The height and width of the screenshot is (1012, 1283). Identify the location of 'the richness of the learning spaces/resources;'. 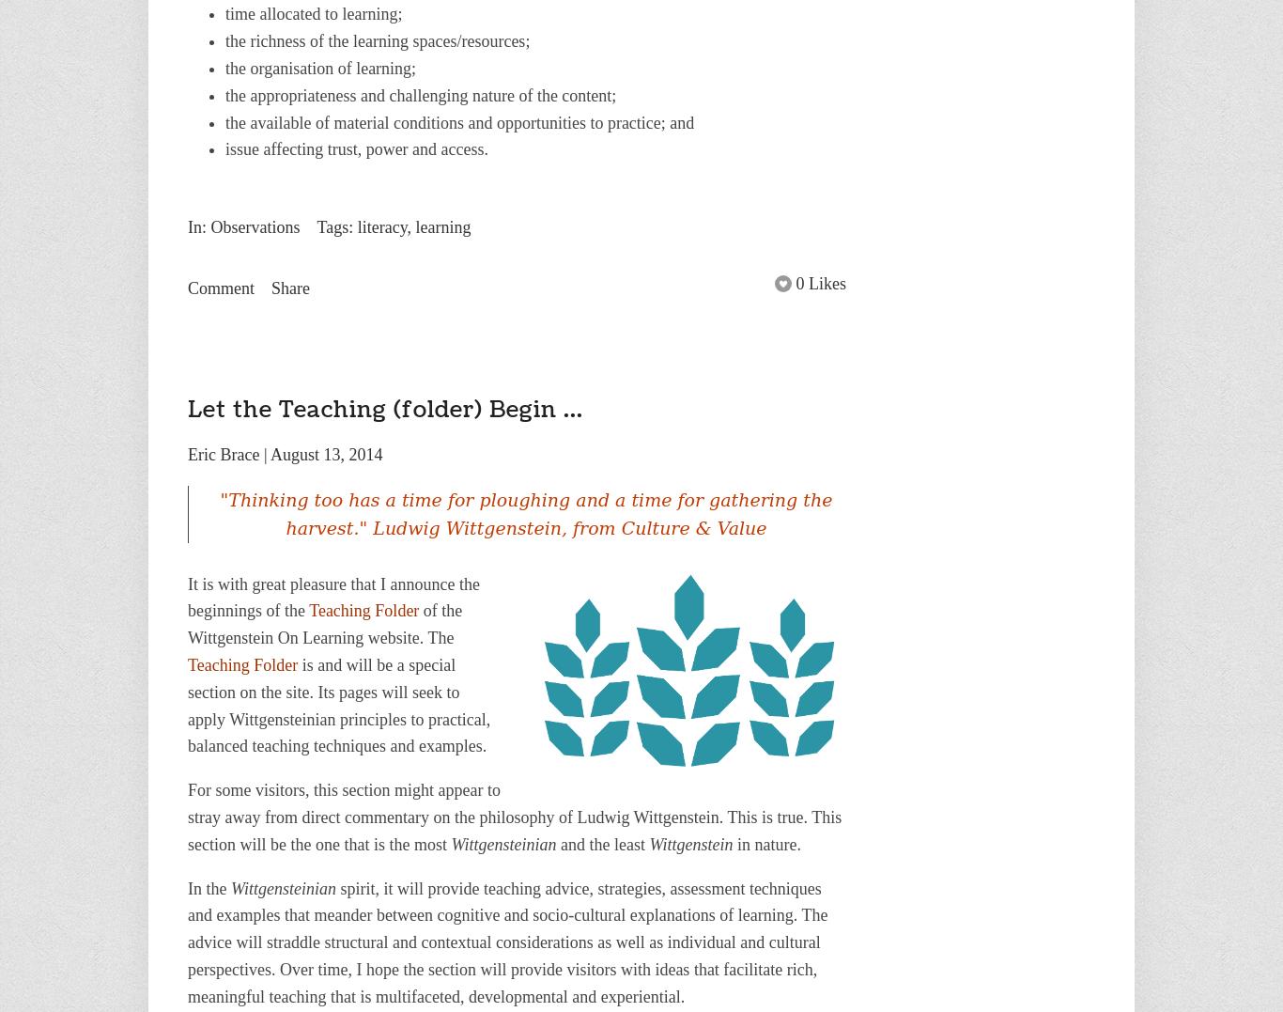
(377, 41).